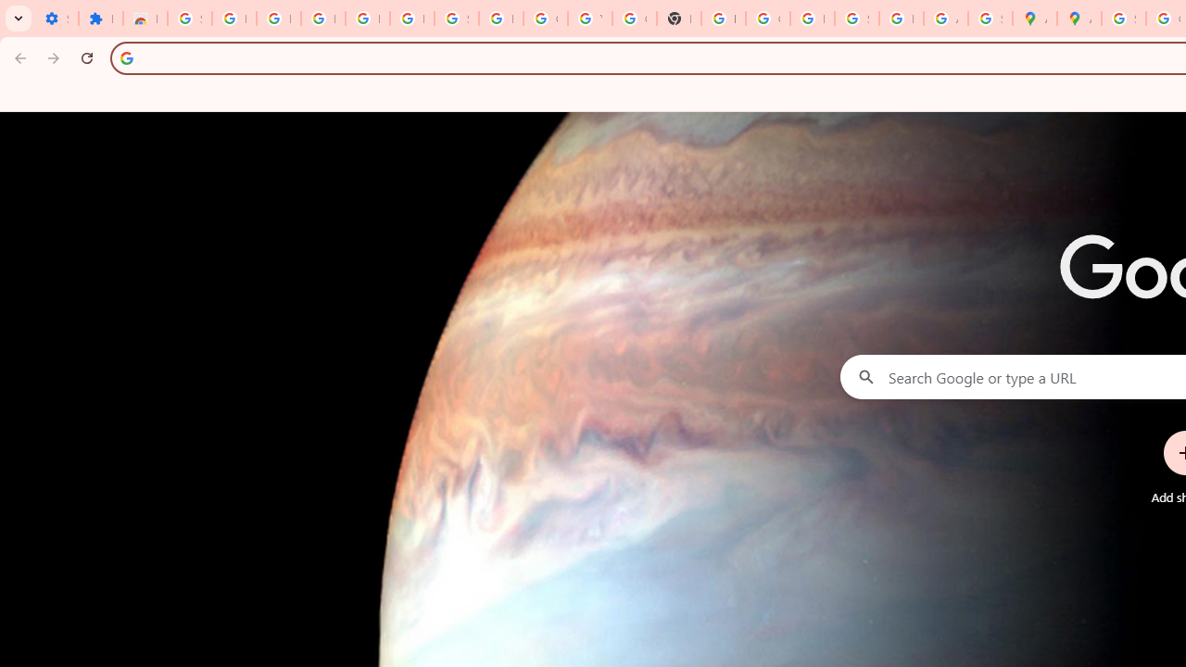 The width and height of the screenshot is (1186, 667). What do you see at coordinates (56, 19) in the screenshot?
I see `'Settings - On startup'` at bounding box center [56, 19].